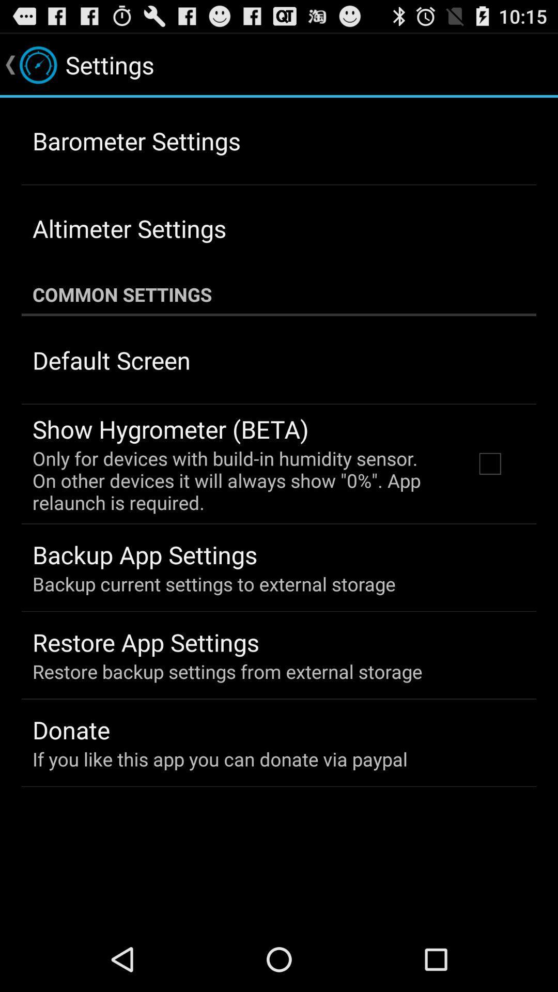 Image resolution: width=558 pixels, height=992 pixels. What do you see at coordinates (129, 228) in the screenshot?
I see `the altimeter settings app` at bounding box center [129, 228].